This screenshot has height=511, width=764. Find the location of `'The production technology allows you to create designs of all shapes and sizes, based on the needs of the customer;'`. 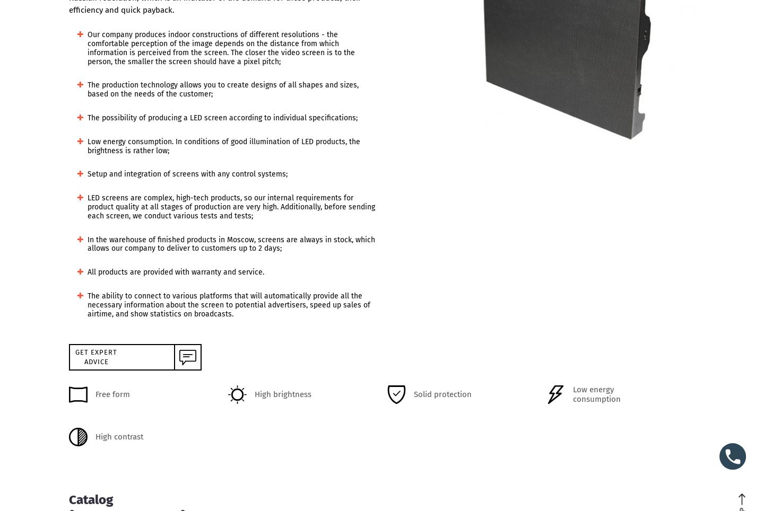

'The production technology allows you to create designs of all shapes and sizes, based on the needs of the customer;' is located at coordinates (87, 89).